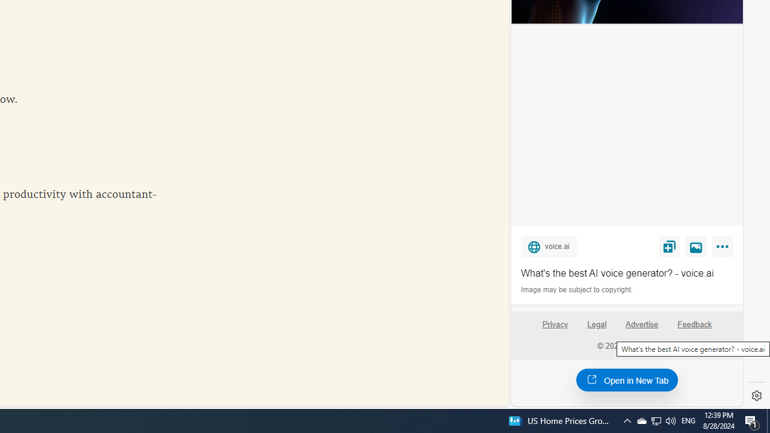 This screenshot has height=433, width=770. What do you see at coordinates (696, 245) in the screenshot?
I see `'View image'` at bounding box center [696, 245].